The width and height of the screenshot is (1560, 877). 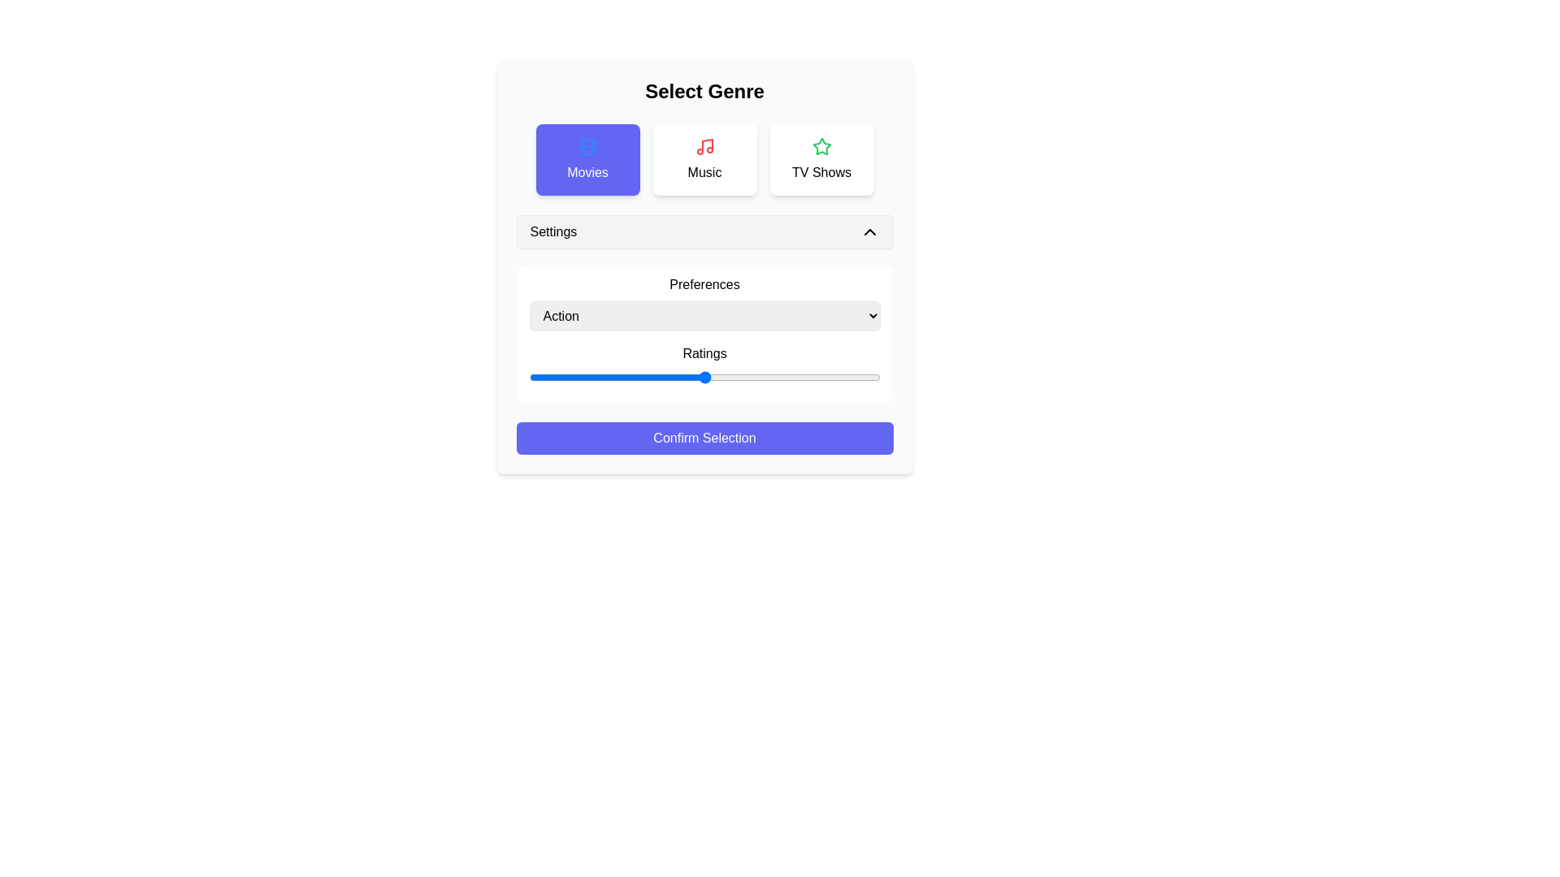 What do you see at coordinates (803, 378) in the screenshot?
I see `the rating` at bounding box center [803, 378].